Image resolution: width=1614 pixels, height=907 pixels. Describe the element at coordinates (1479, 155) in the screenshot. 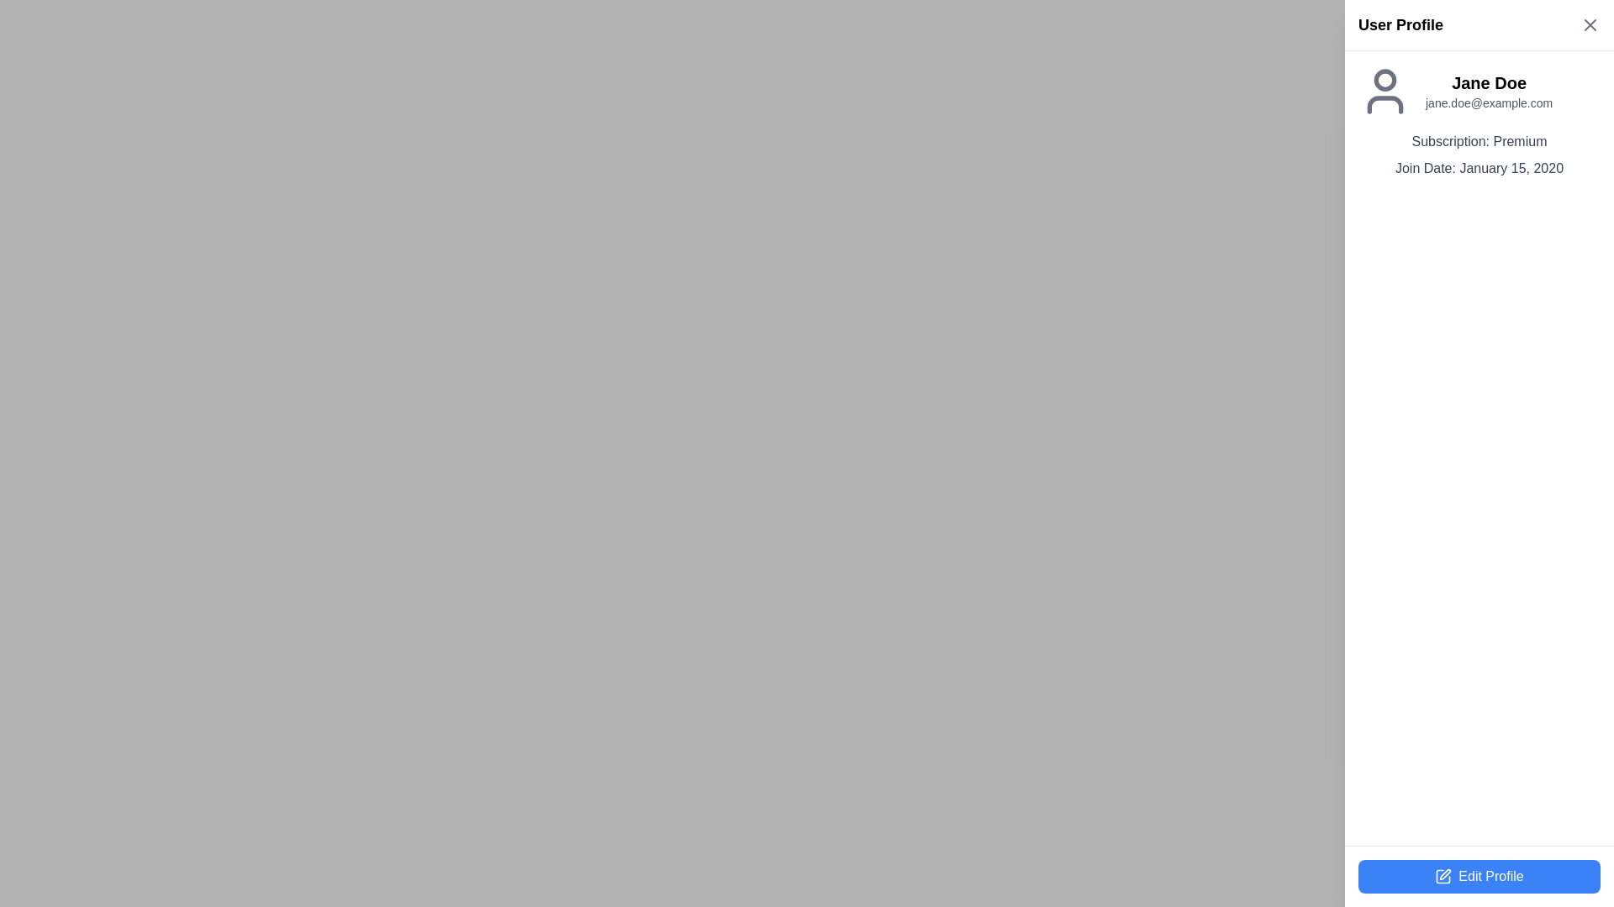

I see `the Text Display that shows the user's subscription level ('Premium') and the date they joined ('January 15, 2020'), located in the middle upper section of the user profile panel` at that location.